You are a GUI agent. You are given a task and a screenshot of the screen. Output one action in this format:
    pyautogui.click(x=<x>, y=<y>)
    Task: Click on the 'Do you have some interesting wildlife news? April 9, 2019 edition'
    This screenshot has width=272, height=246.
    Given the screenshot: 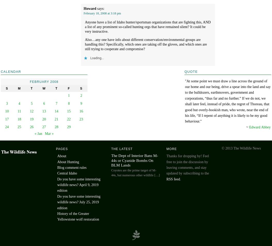 What is the action you would take?
    pyautogui.click(x=57, y=184)
    